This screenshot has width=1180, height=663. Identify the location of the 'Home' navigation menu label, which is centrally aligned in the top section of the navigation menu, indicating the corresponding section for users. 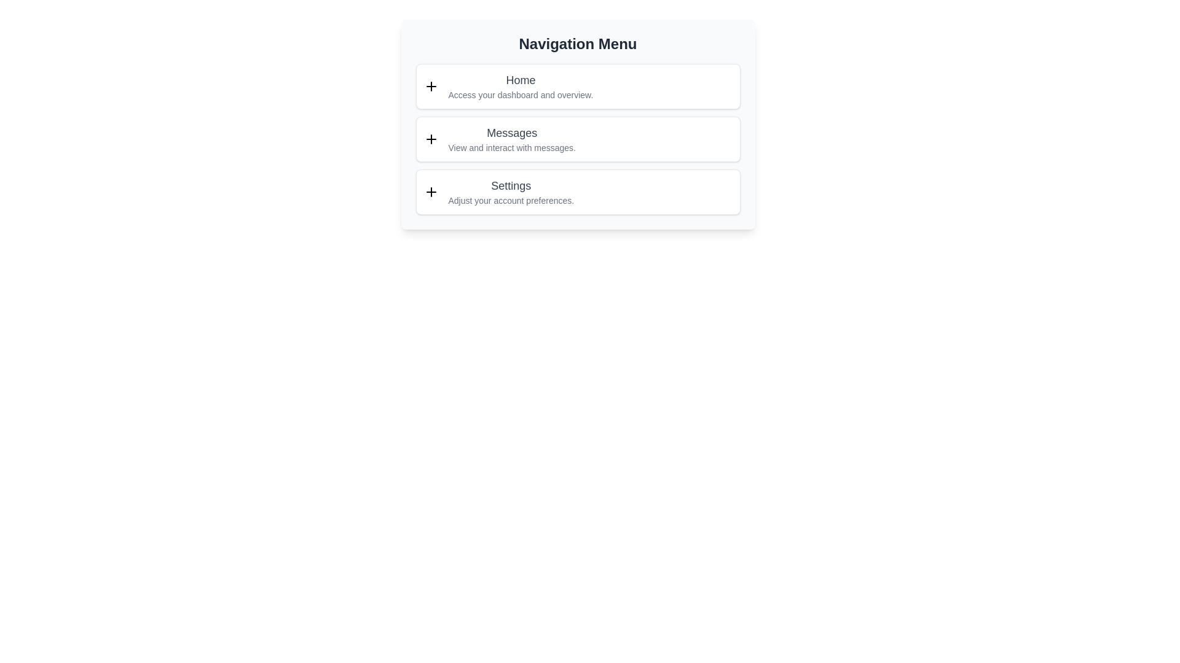
(521, 80).